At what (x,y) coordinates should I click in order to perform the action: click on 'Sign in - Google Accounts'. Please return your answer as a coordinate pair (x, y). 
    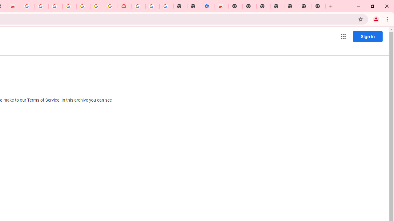
    Looking at the image, I should click on (55, 6).